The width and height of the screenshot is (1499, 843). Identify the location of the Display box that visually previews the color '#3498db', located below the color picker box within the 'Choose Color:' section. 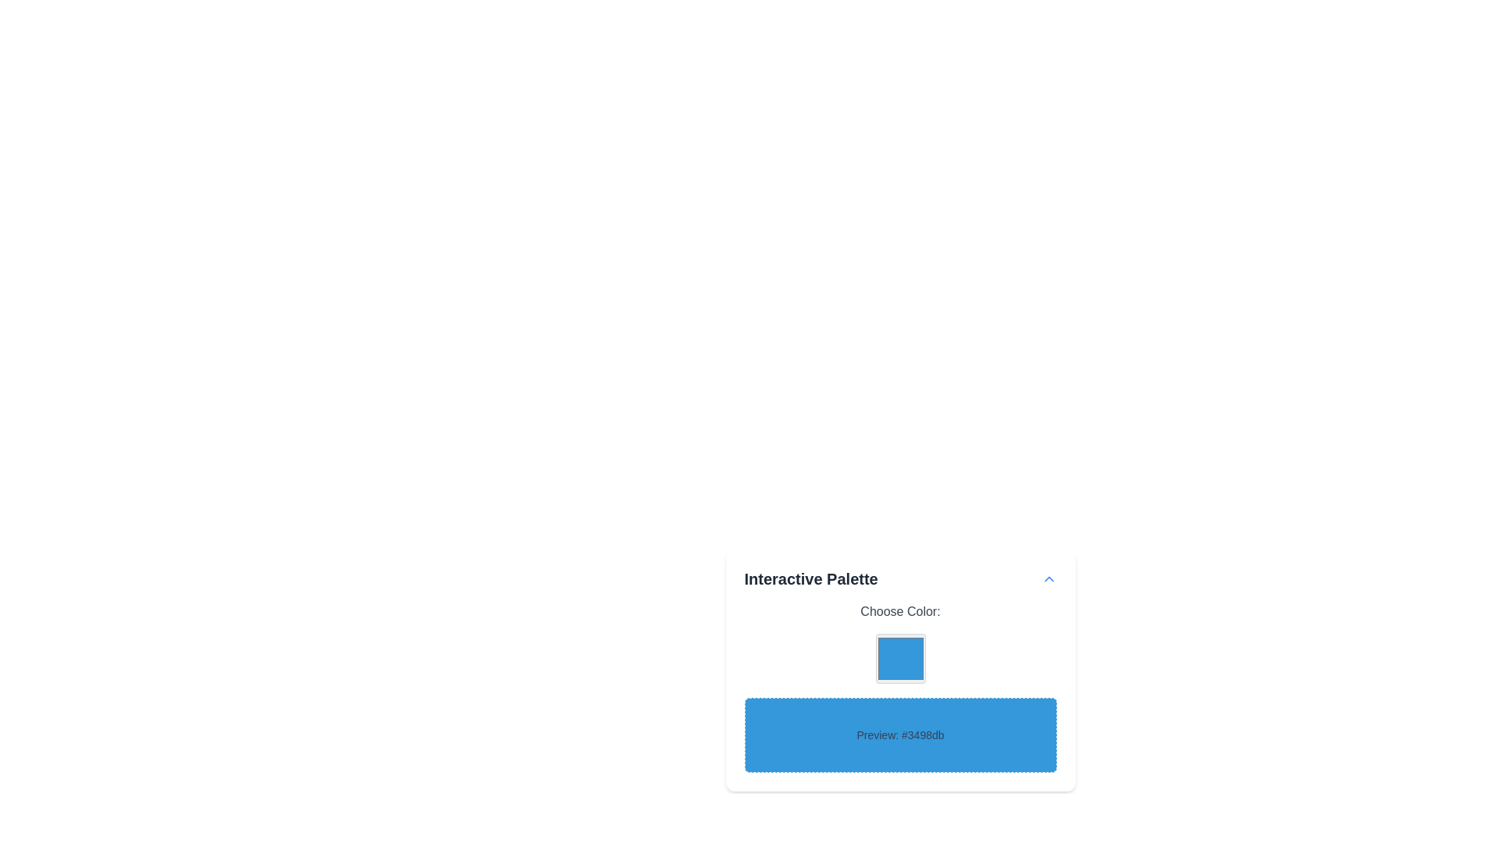
(900, 735).